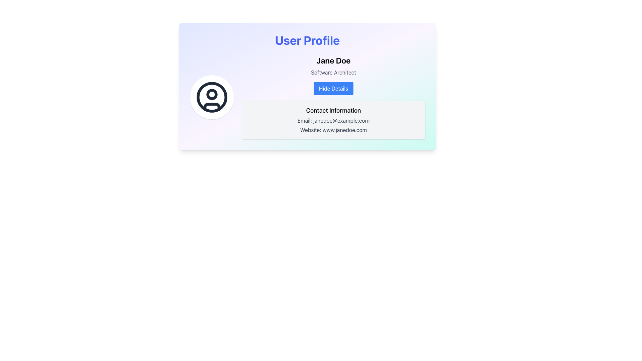  Describe the element at coordinates (333, 97) in the screenshot. I see `the 'Hide Details' button located within the user profile card, positioned on the right half and above the 'Contact Information' section` at that location.